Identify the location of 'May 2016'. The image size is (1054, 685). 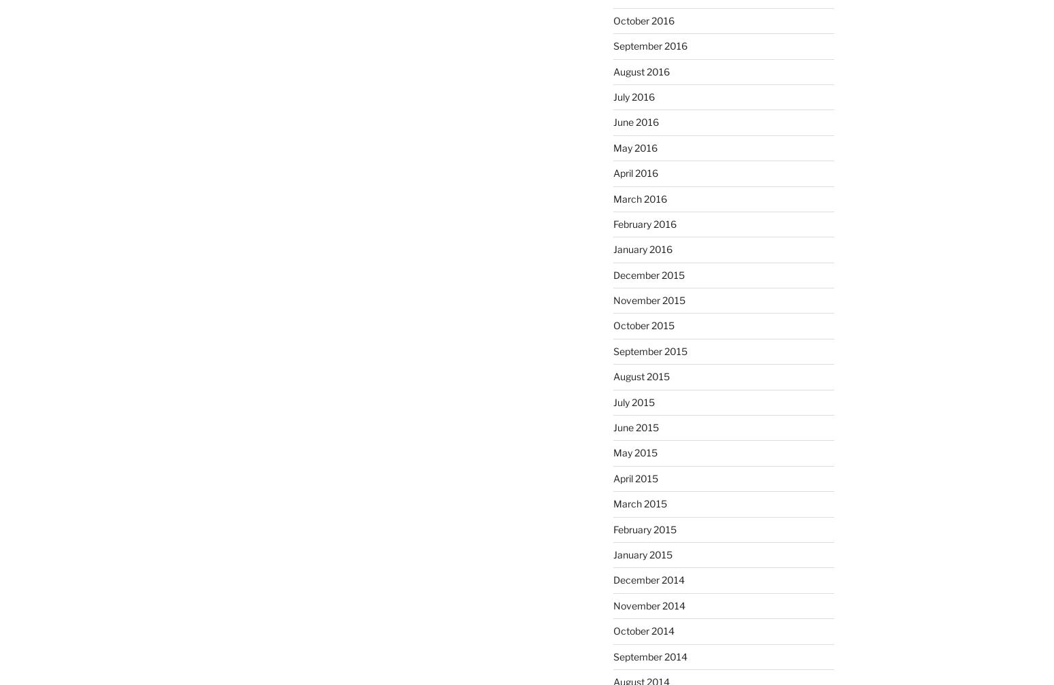
(634, 147).